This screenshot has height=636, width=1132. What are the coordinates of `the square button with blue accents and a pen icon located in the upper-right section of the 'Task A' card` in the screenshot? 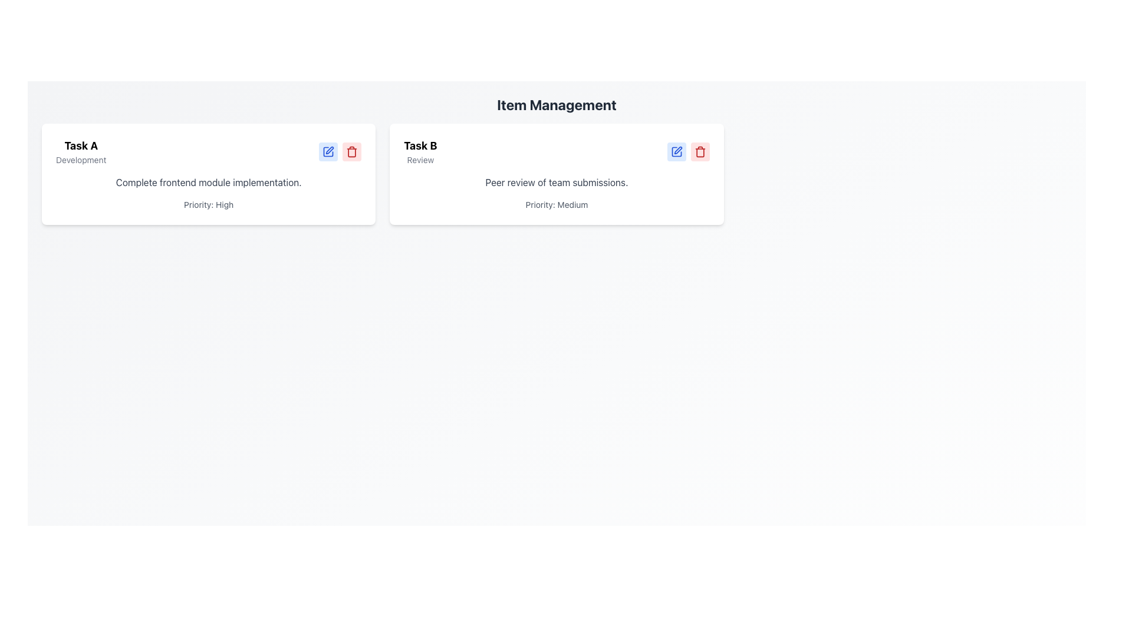 It's located at (328, 151).